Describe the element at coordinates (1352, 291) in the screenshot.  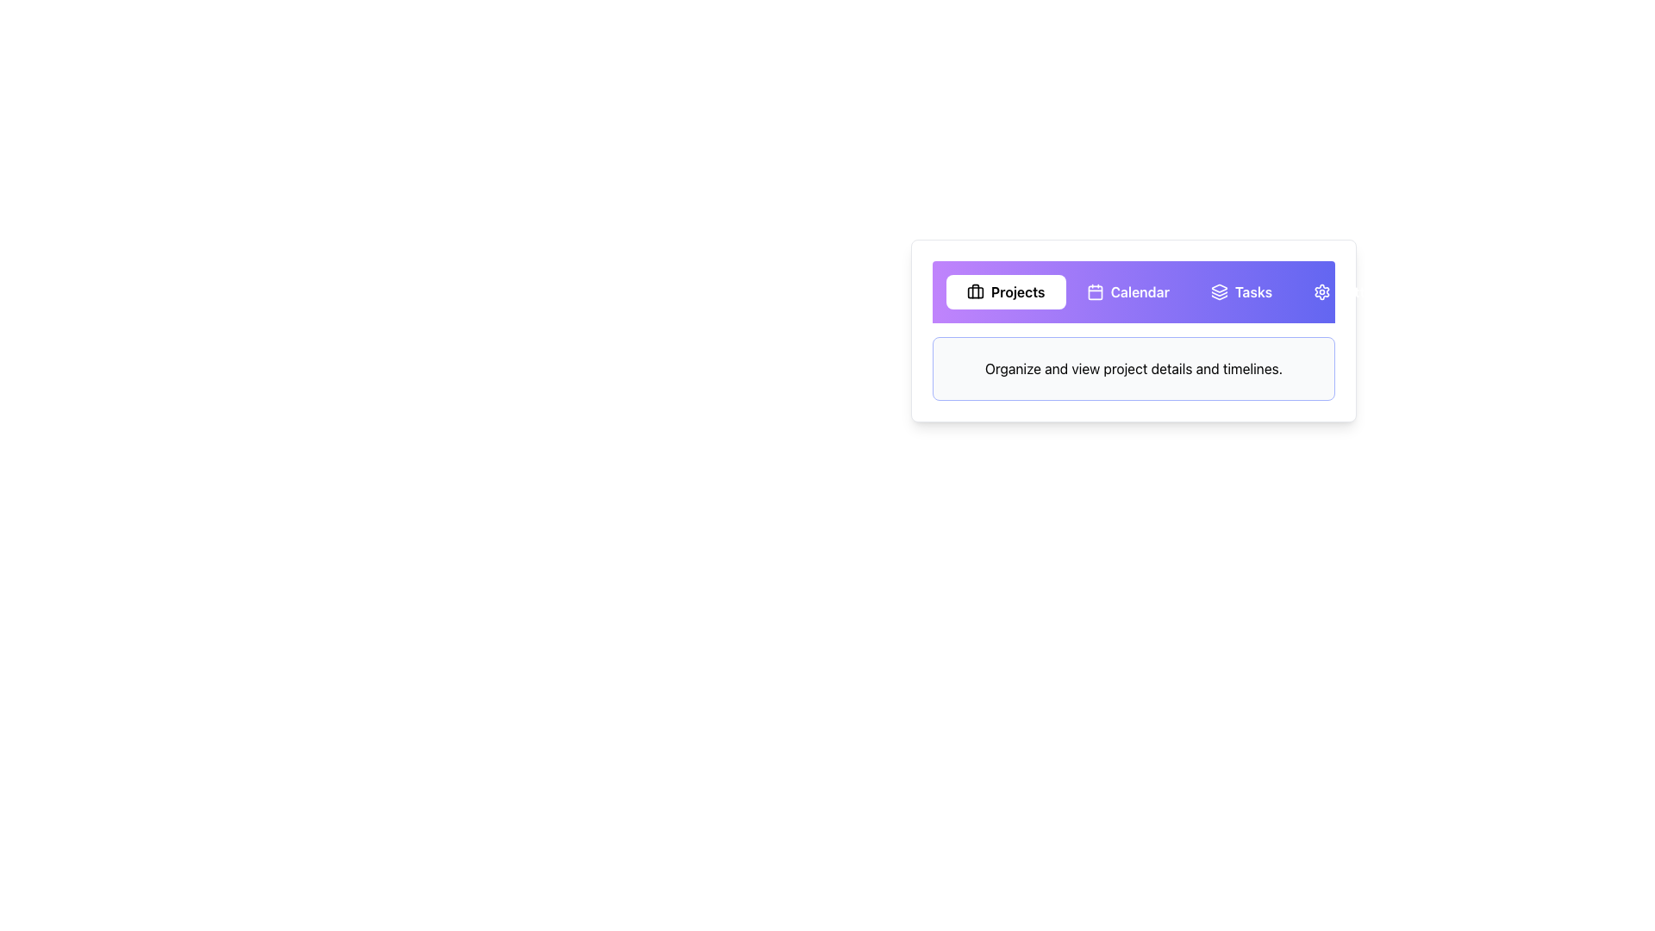
I see `the 'Settings' button` at that location.